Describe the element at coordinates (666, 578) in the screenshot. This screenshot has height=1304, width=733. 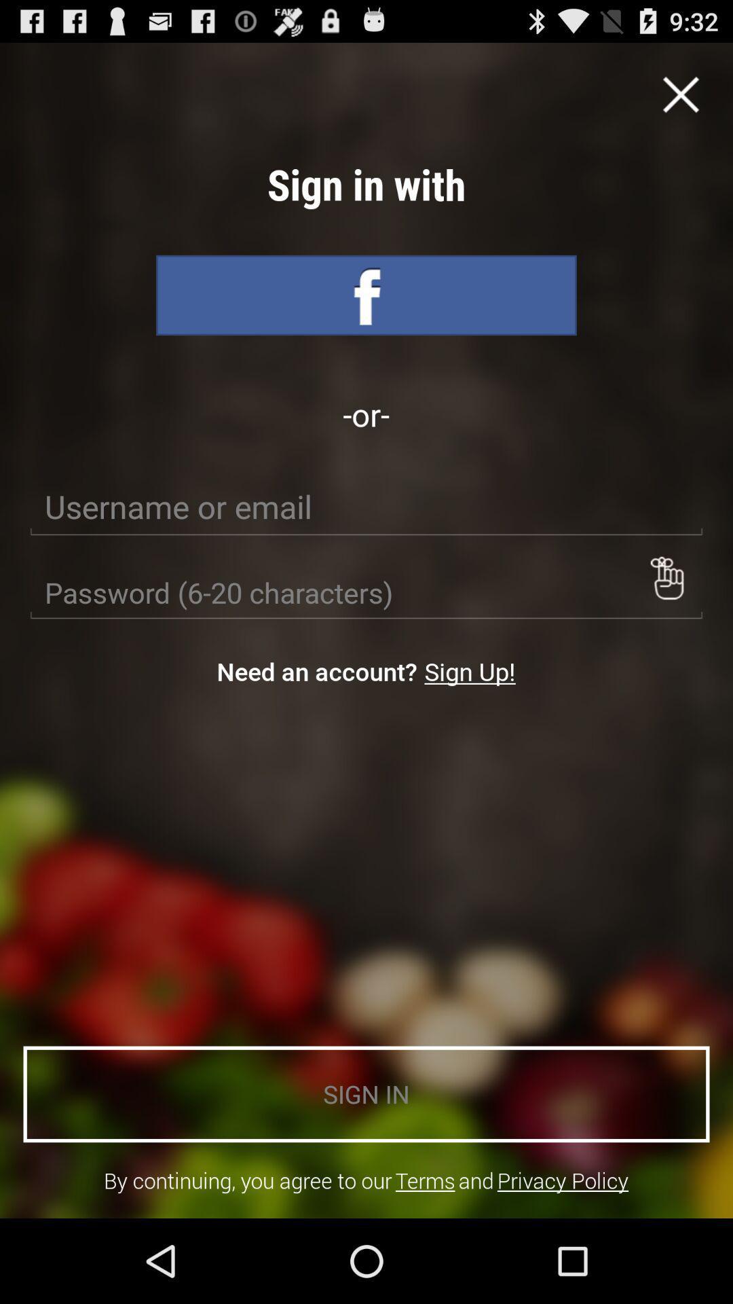
I see `show password option` at that location.